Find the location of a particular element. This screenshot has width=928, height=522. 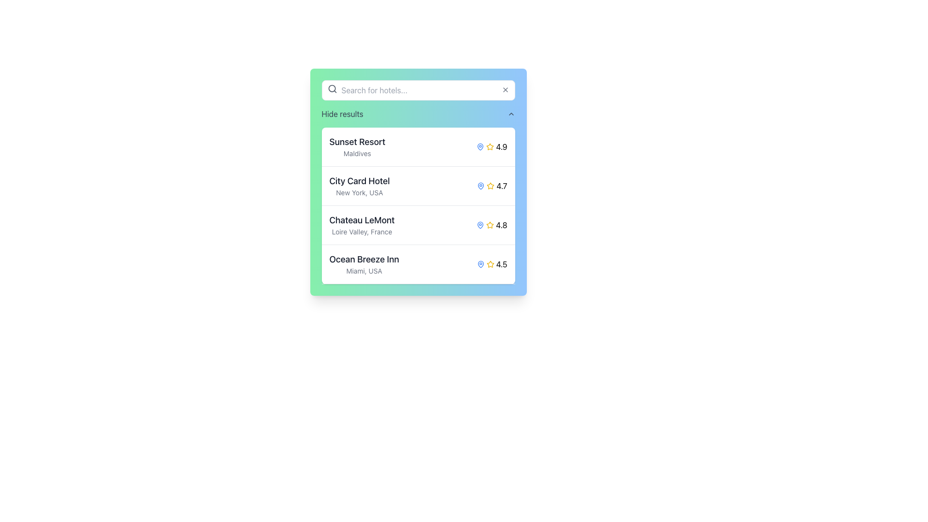

the text label displaying 'Miami, USA', which is a small light gray text located directly below 'Ocean Breeze Inn' is located at coordinates (363, 271).